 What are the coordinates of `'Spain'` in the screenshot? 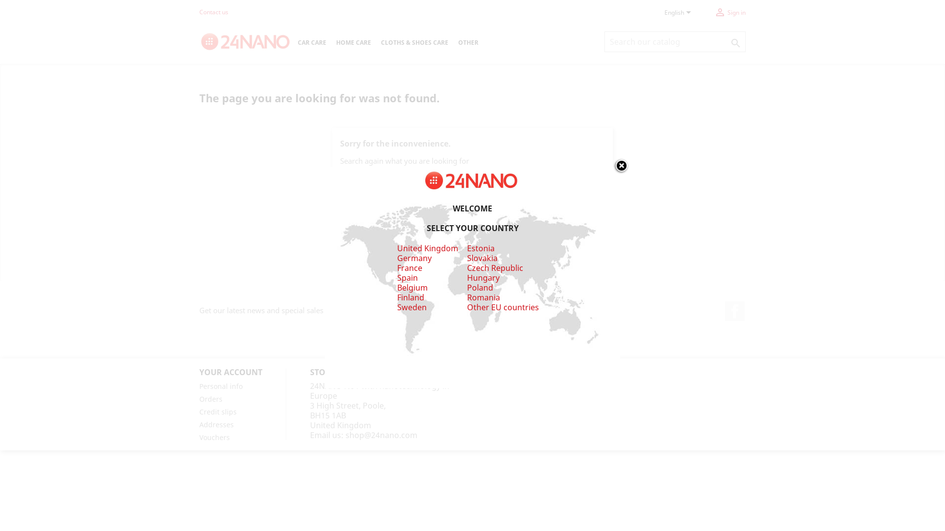 It's located at (407, 277).